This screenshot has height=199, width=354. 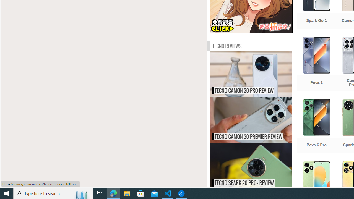 What do you see at coordinates (262, 166) in the screenshot?
I see `'Tecno Spark 20 Pro+ review'` at bounding box center [262, 166].